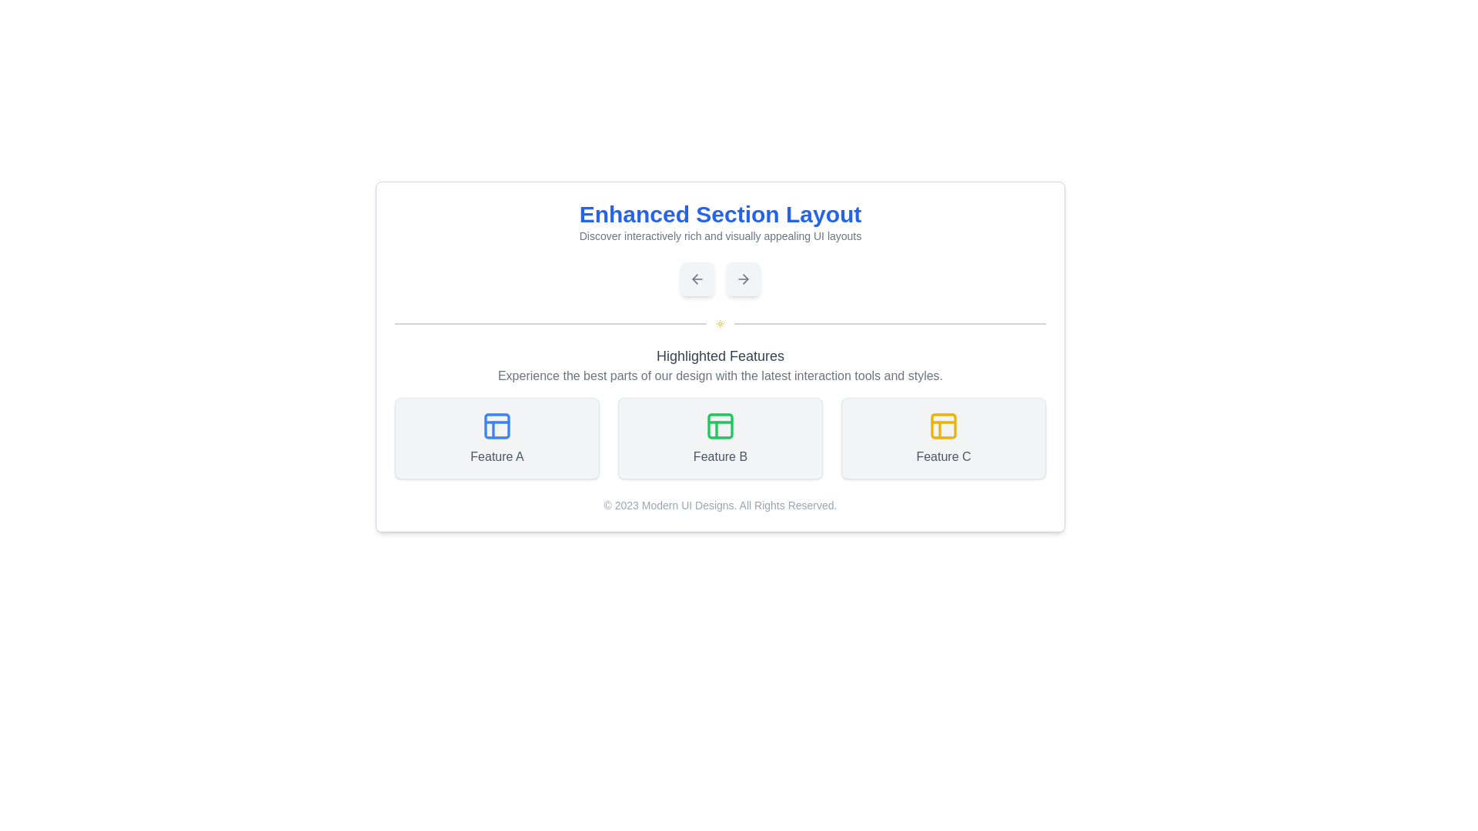  What do you see at coordinates (697, 279) in the screenshot?
I see `the navigation control icon embedded in the rounded rectangular button, positioned near the center of the interface` at bounding box center [697, 279].